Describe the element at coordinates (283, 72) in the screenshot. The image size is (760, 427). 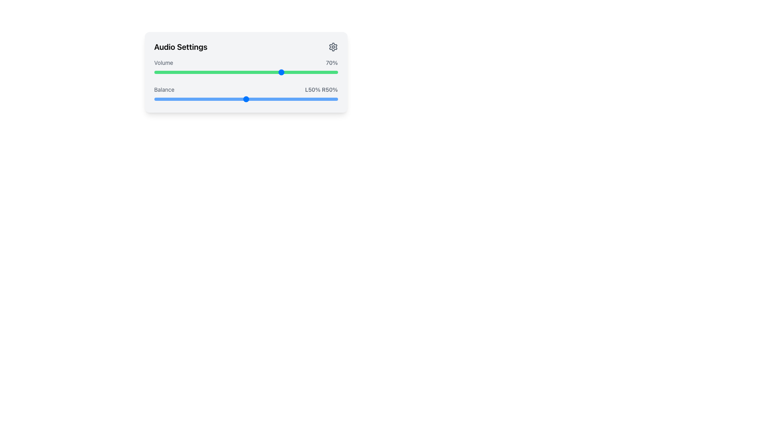
I see `the volume level` at that location.